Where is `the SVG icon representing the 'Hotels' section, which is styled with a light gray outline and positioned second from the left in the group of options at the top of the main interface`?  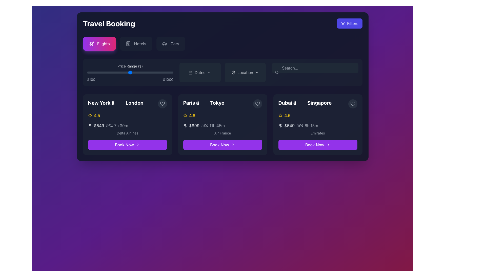 the SVG icon representing the 'Hotels' section, which is styled with a light gray outline and positioned second from the left in the group of options at the top of the main interface is located at coordinates (128, 43).